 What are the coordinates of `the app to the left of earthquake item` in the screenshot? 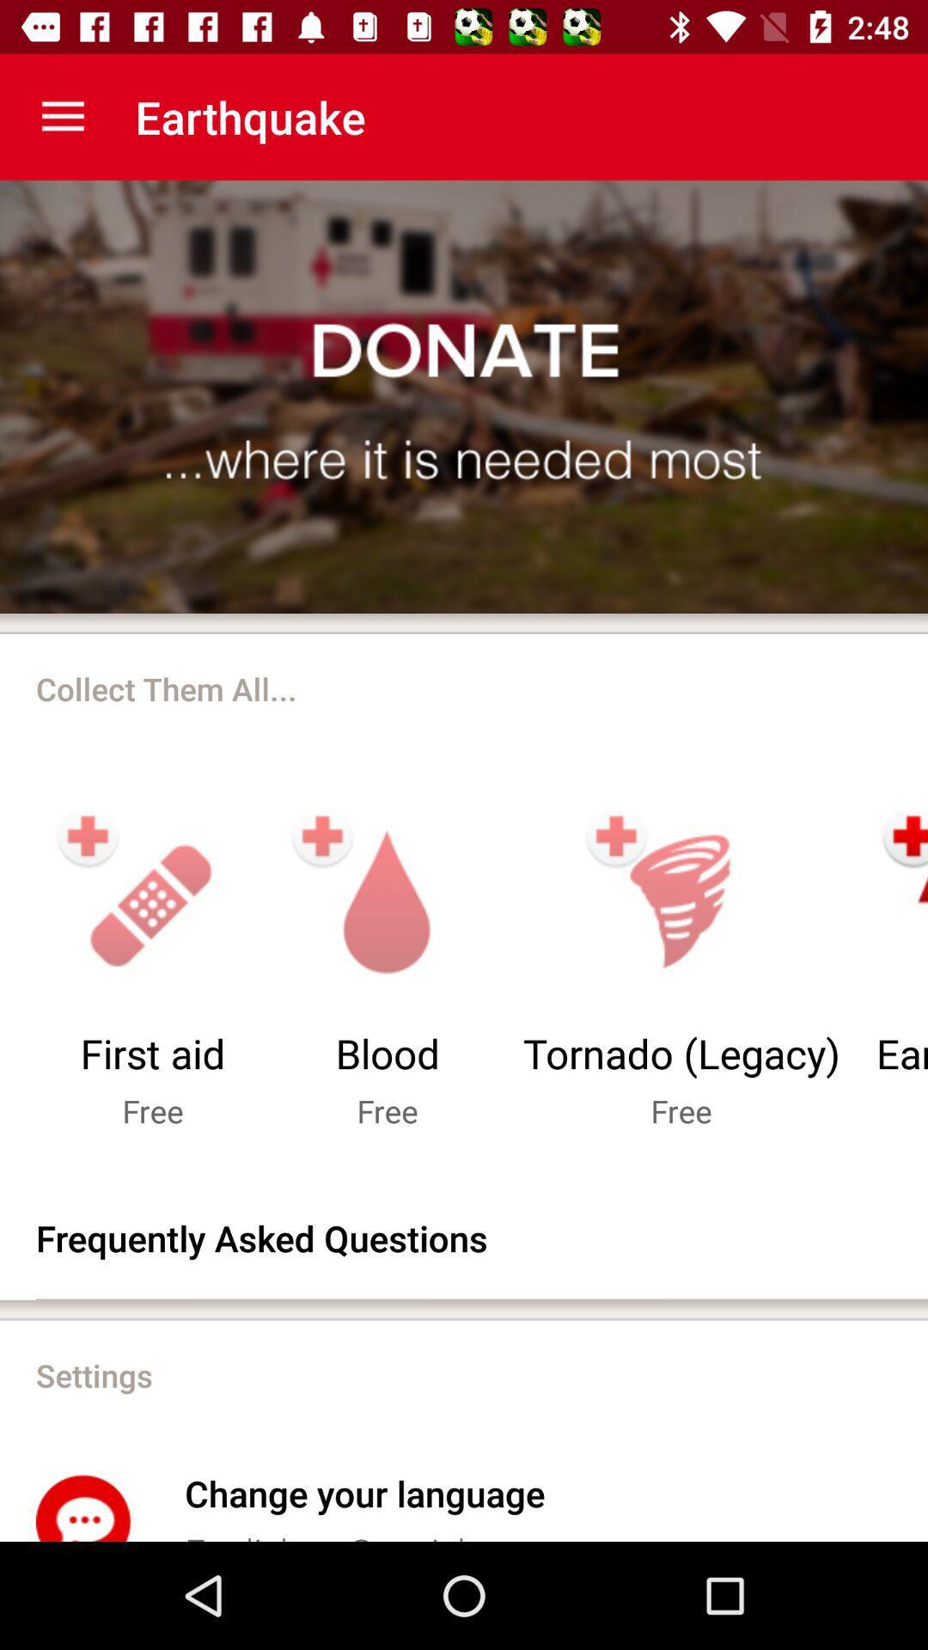 It's located at (62, 116).